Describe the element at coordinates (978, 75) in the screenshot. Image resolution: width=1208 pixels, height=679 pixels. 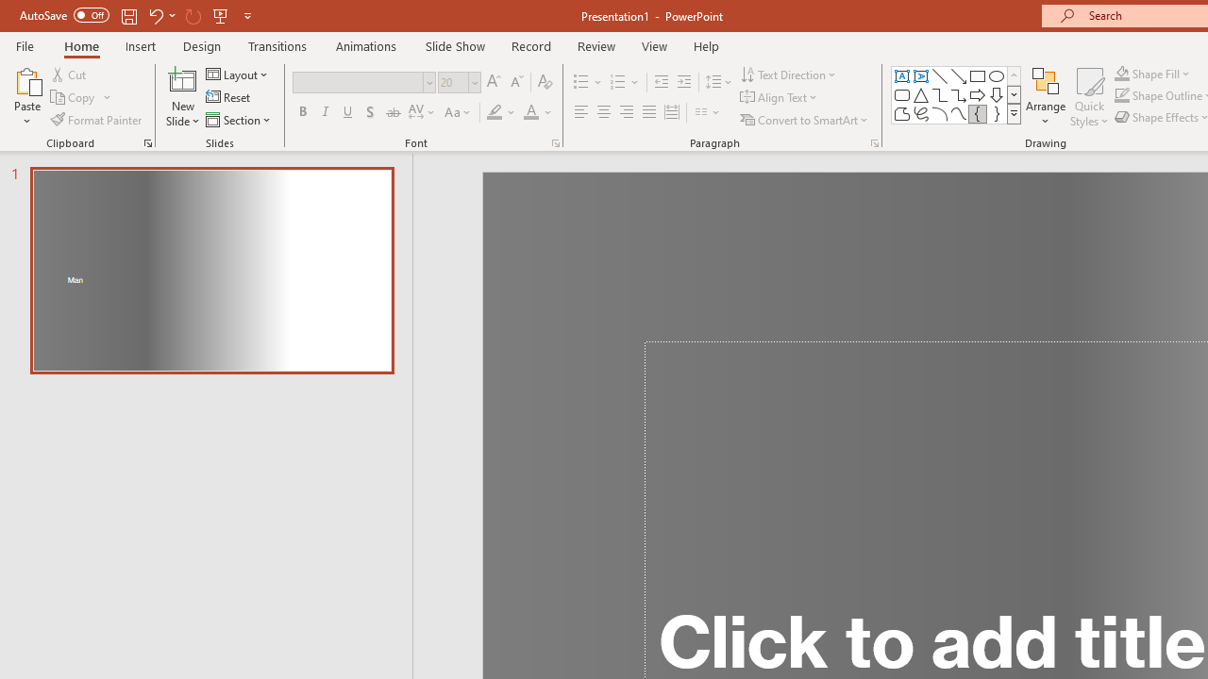
I see `'Rectangle'` at that location.